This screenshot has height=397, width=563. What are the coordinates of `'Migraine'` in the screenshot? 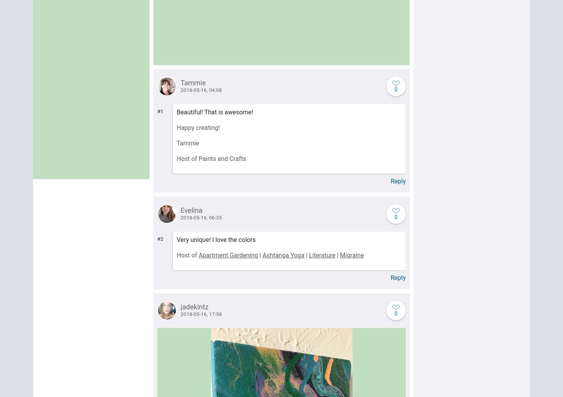 It's located at (351, 255).